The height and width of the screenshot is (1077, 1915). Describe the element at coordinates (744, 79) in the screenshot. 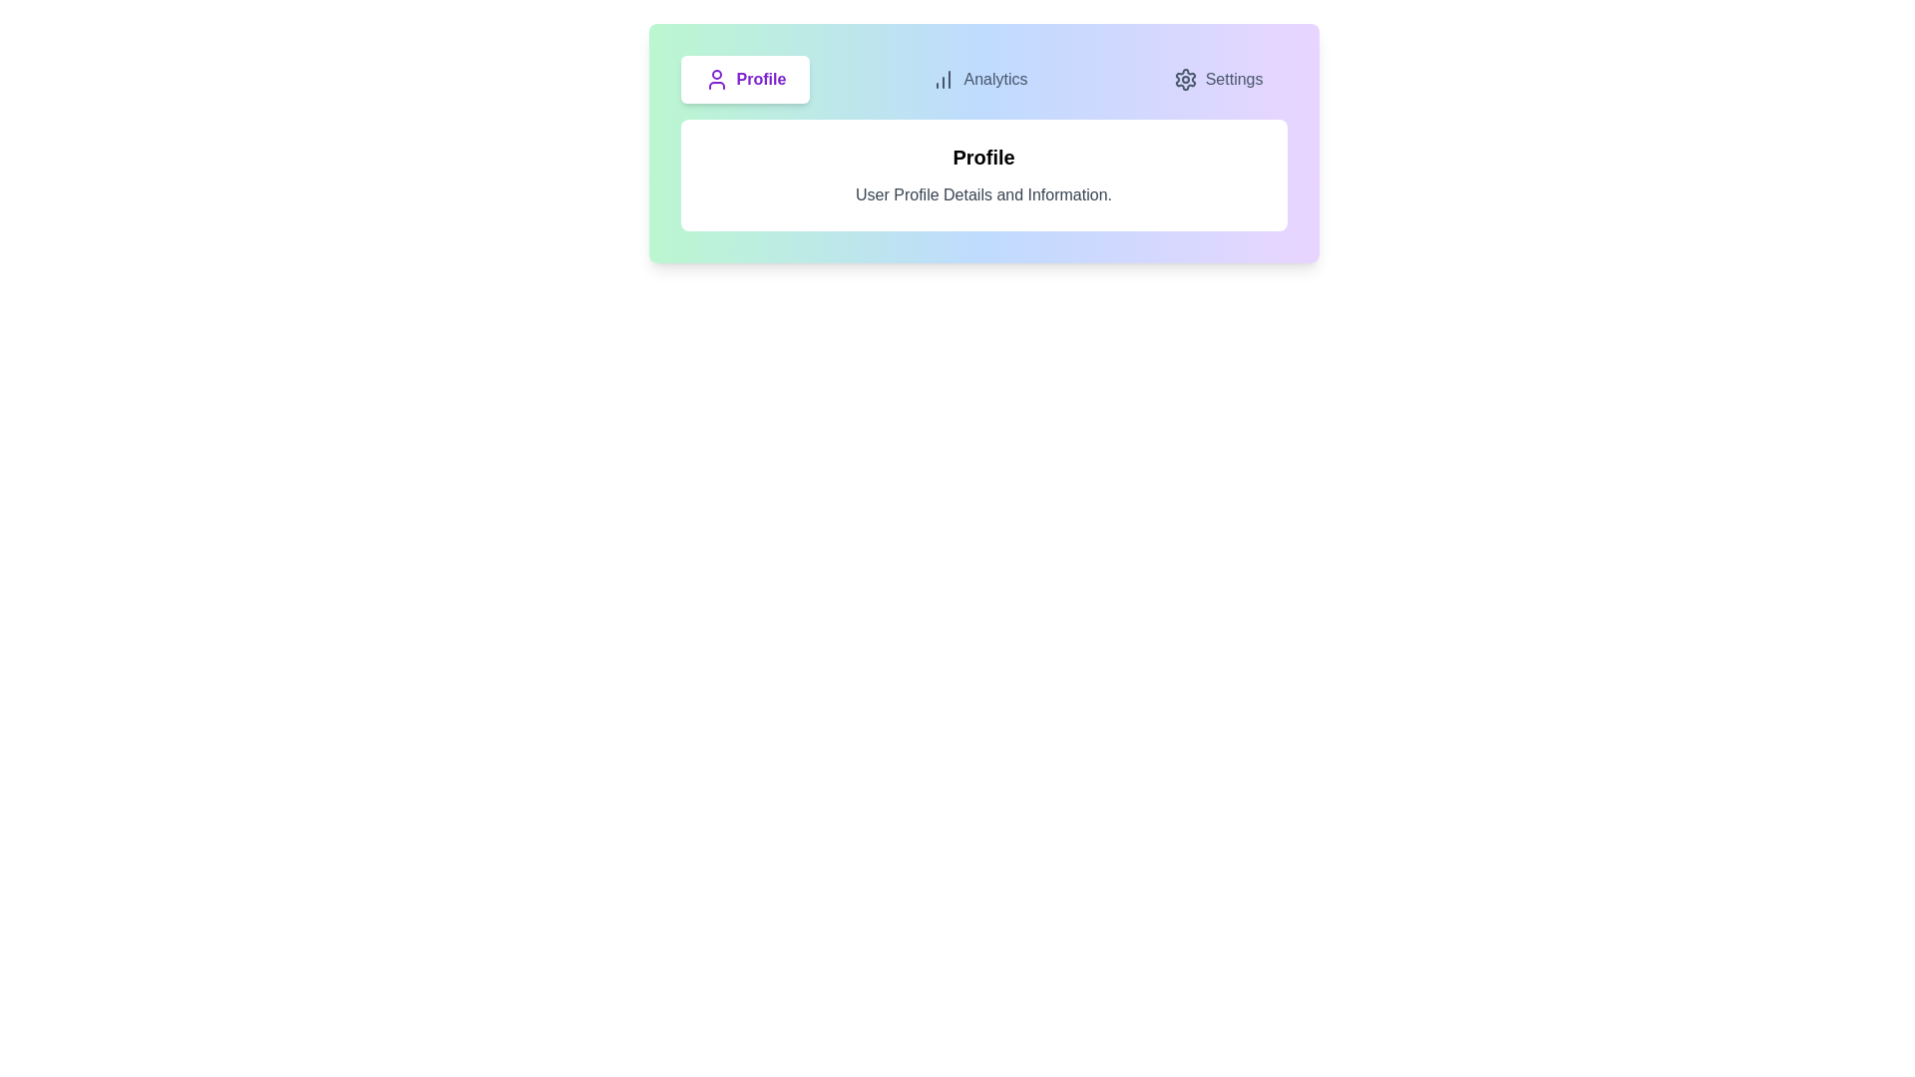

I see `the Profile tab button to switch to the corresponding tab` at that location.